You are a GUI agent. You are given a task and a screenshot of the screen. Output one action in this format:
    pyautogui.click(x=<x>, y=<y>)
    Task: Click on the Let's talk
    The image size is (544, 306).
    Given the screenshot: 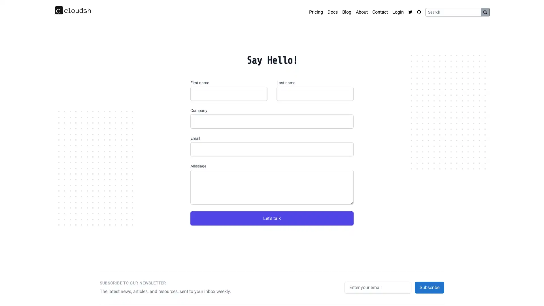 What is the action you would take?
    pyautogui.click(x=272, y=218)
    